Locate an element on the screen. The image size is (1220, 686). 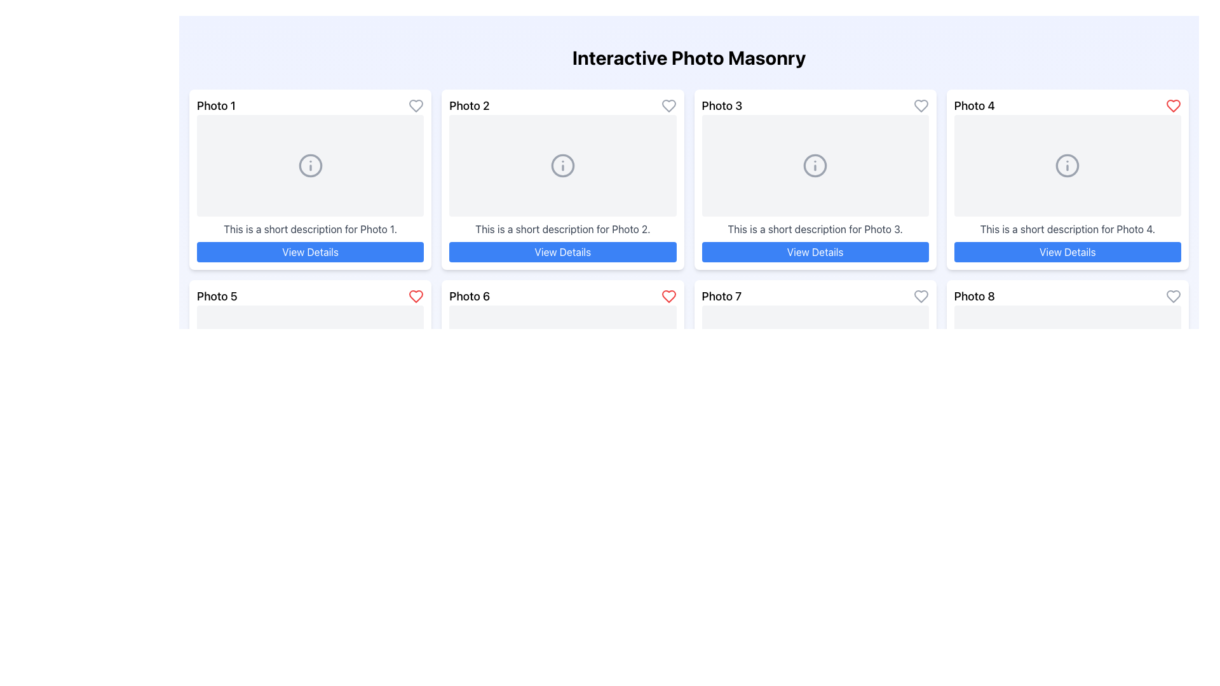
the button labeled 'View Details' which is styled with a blue background and is located at the bottom of the card for 'Photo 4' is located at coordinates (1067, 252).